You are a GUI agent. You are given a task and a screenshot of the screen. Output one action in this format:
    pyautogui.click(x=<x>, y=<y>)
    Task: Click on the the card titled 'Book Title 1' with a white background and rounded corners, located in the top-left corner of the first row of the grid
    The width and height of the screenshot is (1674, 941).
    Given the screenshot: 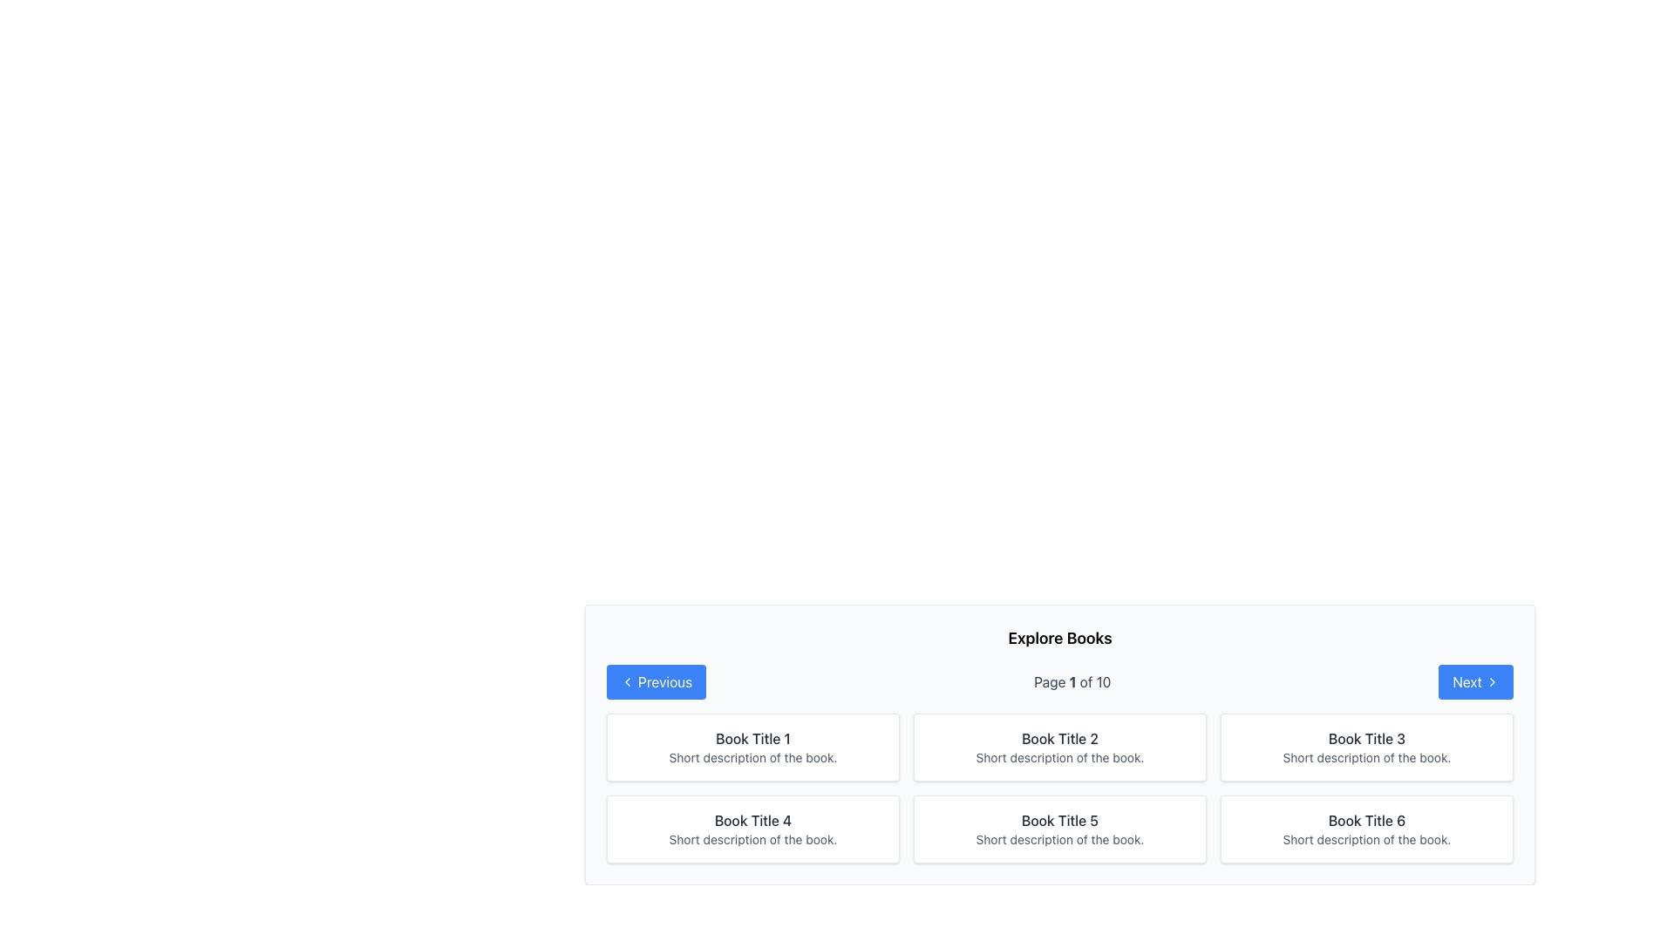 What is the action you would take?
    pyautogui.click(x=753, y=746)
    